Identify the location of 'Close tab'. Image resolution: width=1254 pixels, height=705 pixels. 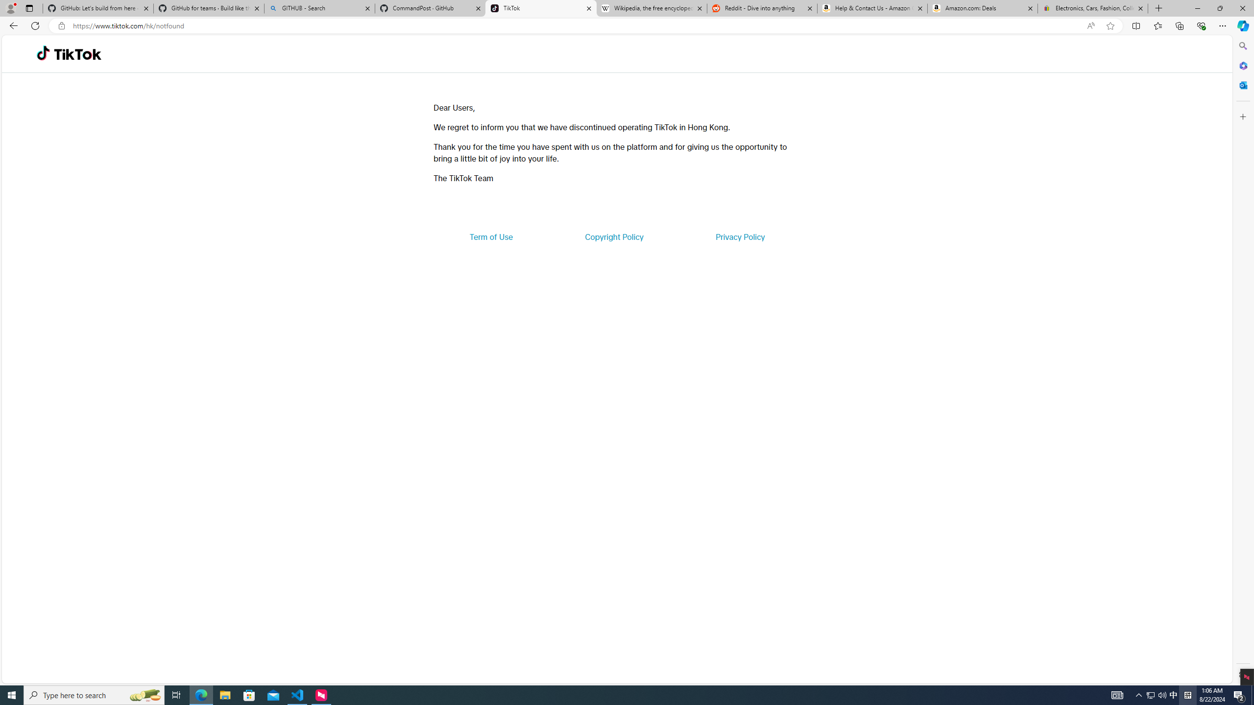
(1140, 8).